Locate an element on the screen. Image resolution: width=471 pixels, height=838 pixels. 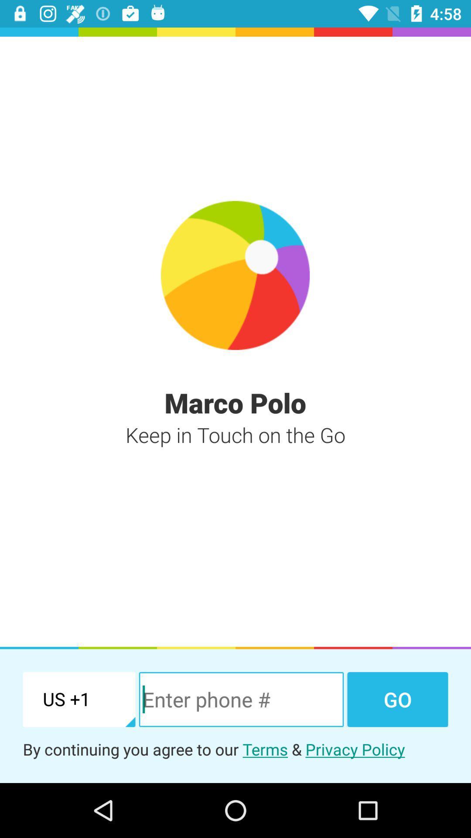
icon above by continuing you icon is located at coordinates (241, 699).